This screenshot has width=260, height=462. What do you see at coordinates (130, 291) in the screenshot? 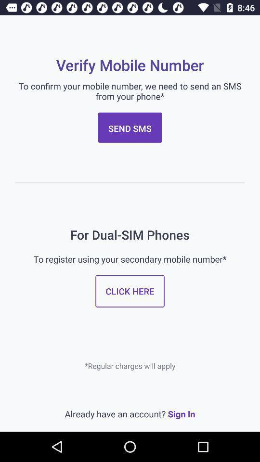
I see `the click here` at bounding box center [130, 291].